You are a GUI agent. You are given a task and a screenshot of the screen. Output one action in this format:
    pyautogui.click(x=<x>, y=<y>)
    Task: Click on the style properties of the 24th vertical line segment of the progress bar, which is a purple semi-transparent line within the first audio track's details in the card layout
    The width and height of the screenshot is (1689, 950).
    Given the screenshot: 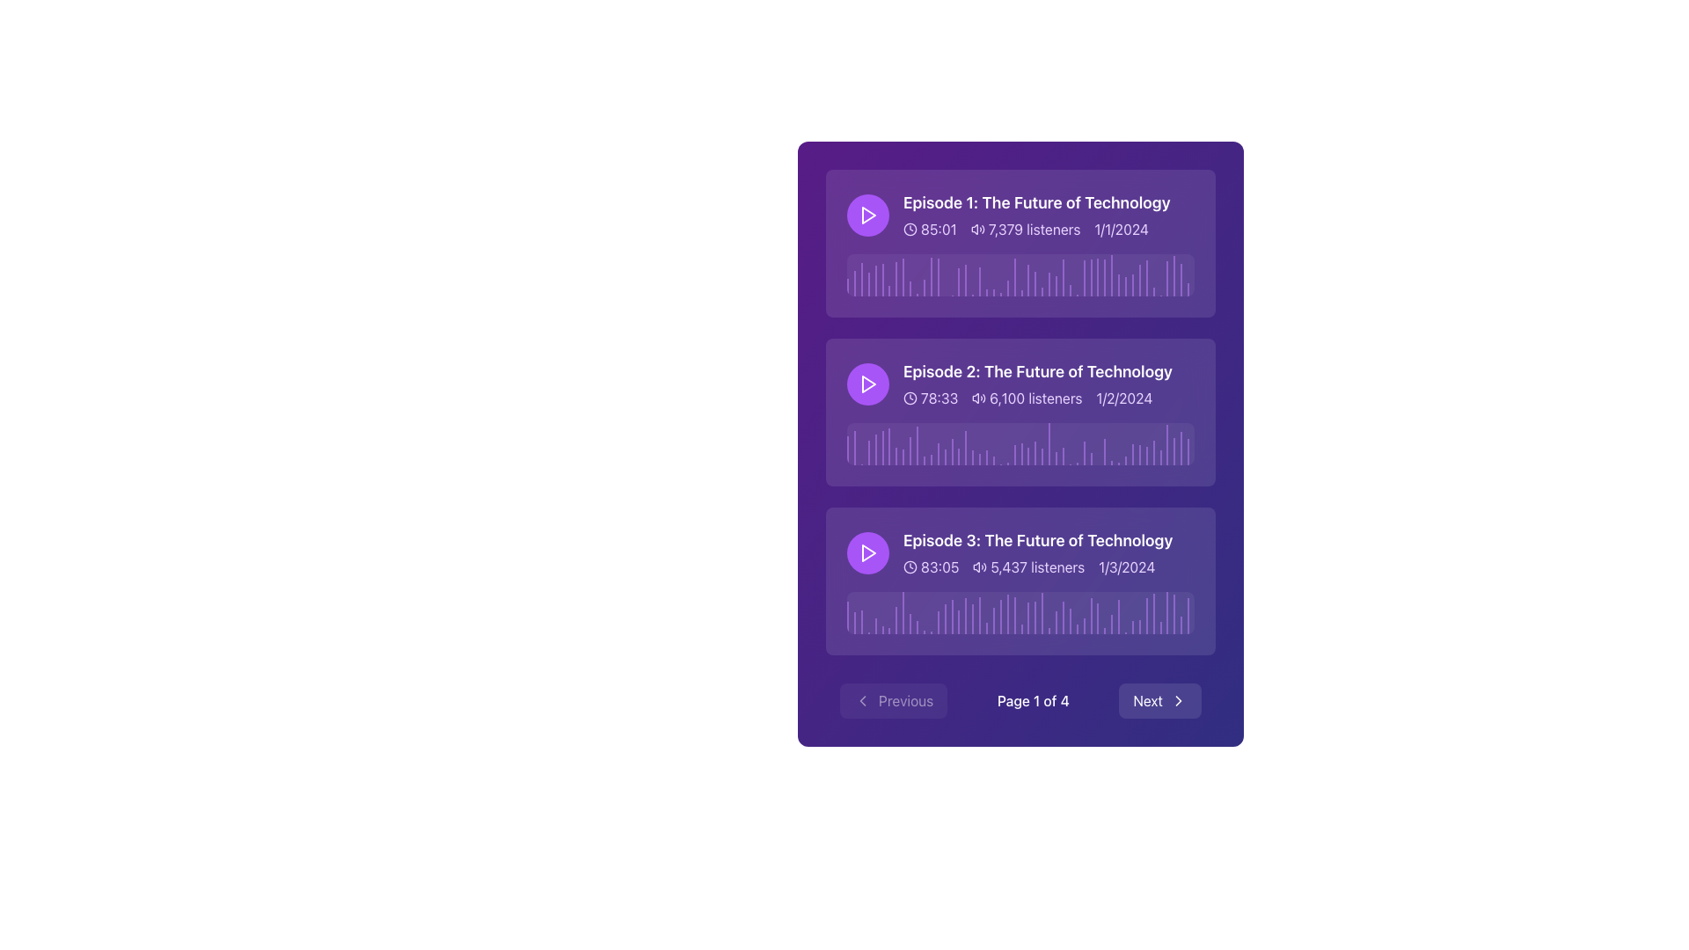 What is the action you would take?
    pyautogui.click(x=1007, y=288)
    